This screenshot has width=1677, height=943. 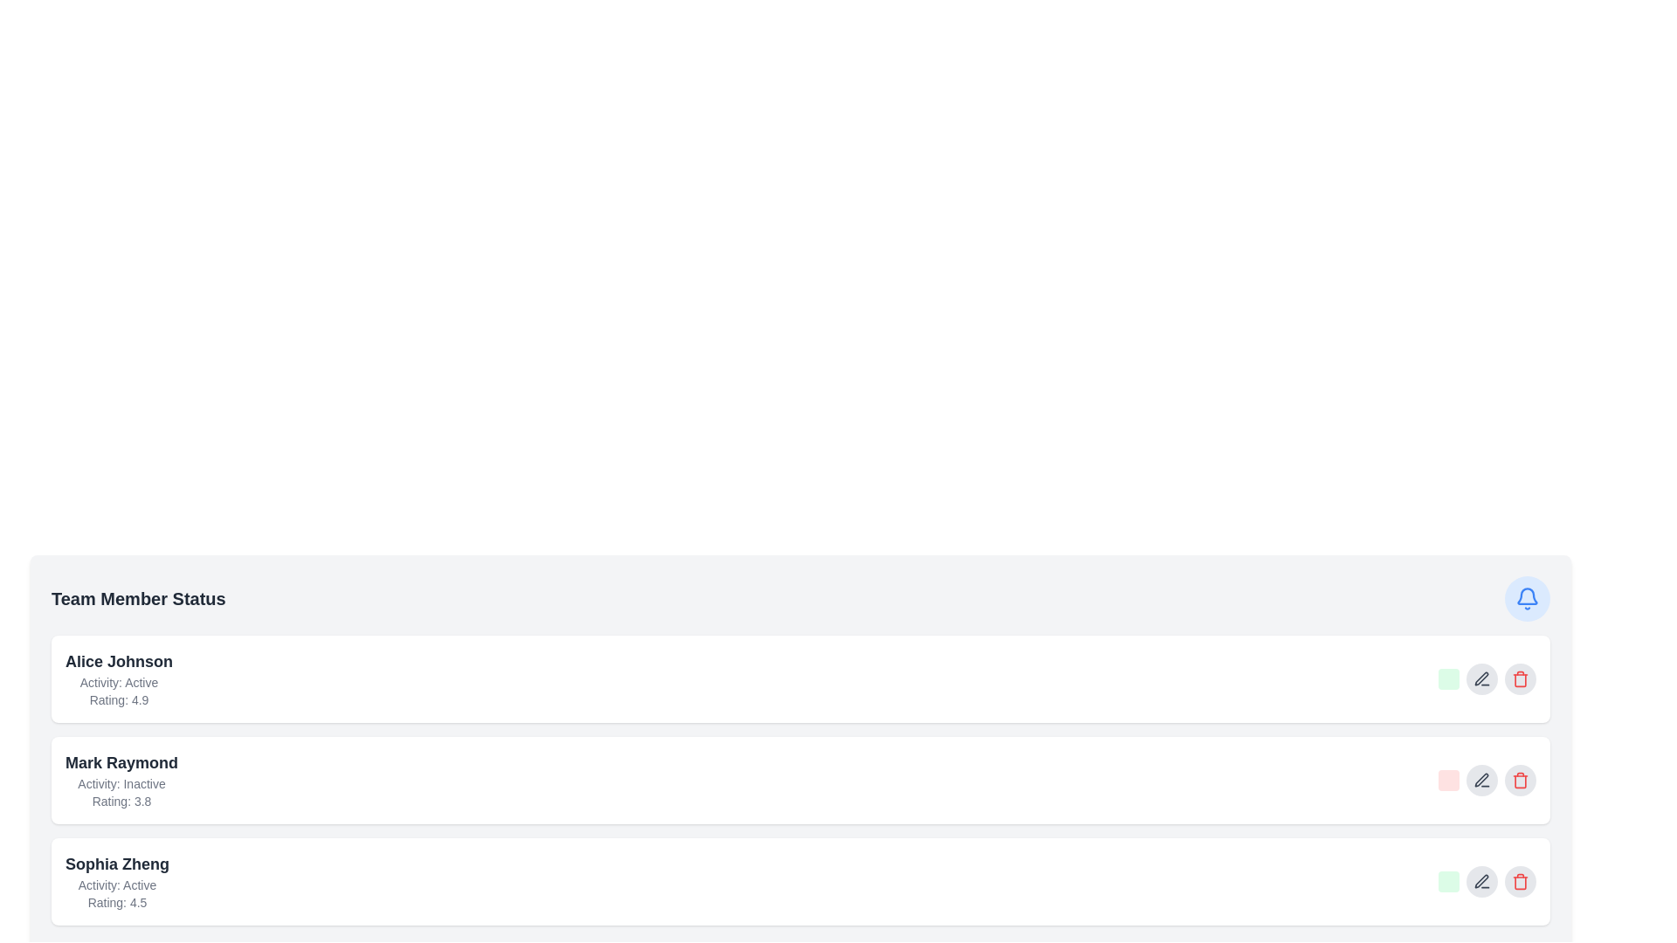 What do you see at coordinates (1481, 882) in the screenshot?
I see `the round button with a light gray background and a pen icon in the center, located in the third row of the member table, to observe its hover effect` at bounding box center [1481, 882].